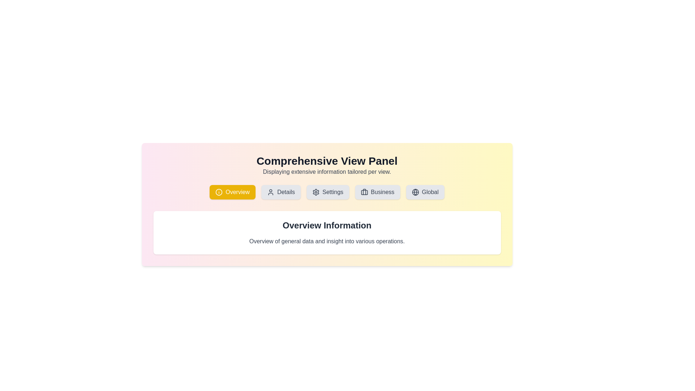  What do you see at coordinates (327, 192) in the screenshot?
I see `the Horizontal navigation bar` at bounding box center [327, 192].